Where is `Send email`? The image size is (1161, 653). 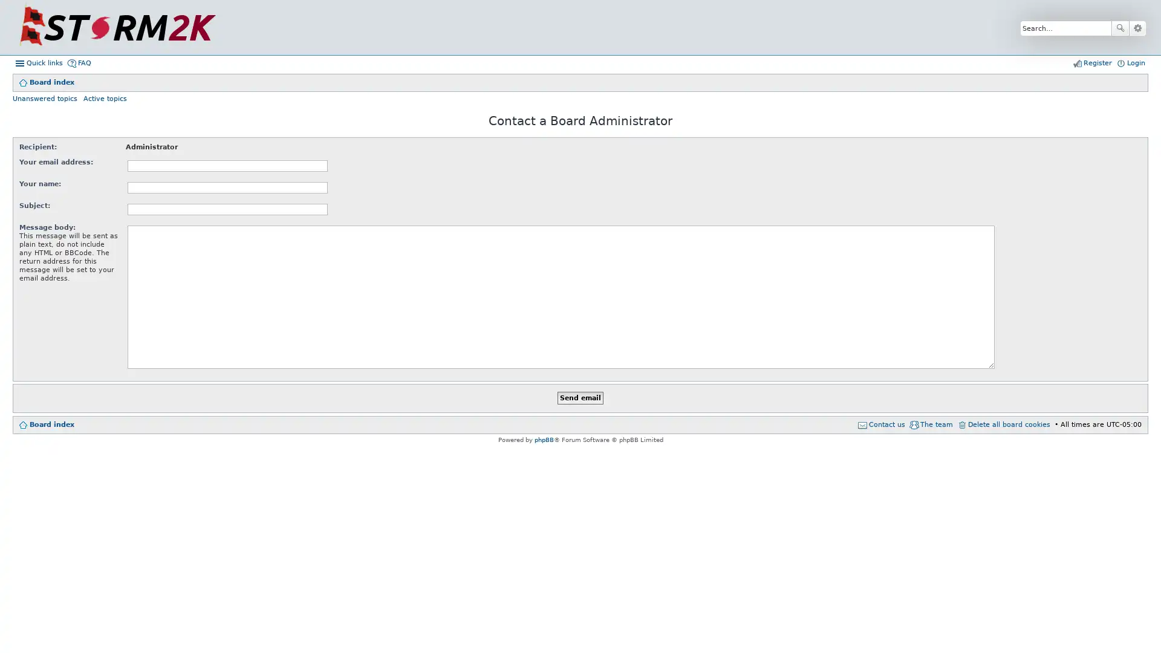 Send email is located at coordinates (580, 398).